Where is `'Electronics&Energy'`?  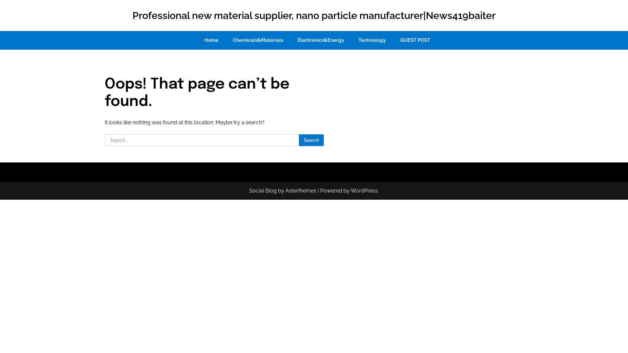 'Electronics&Energy' is located at coordinates (321, 40).